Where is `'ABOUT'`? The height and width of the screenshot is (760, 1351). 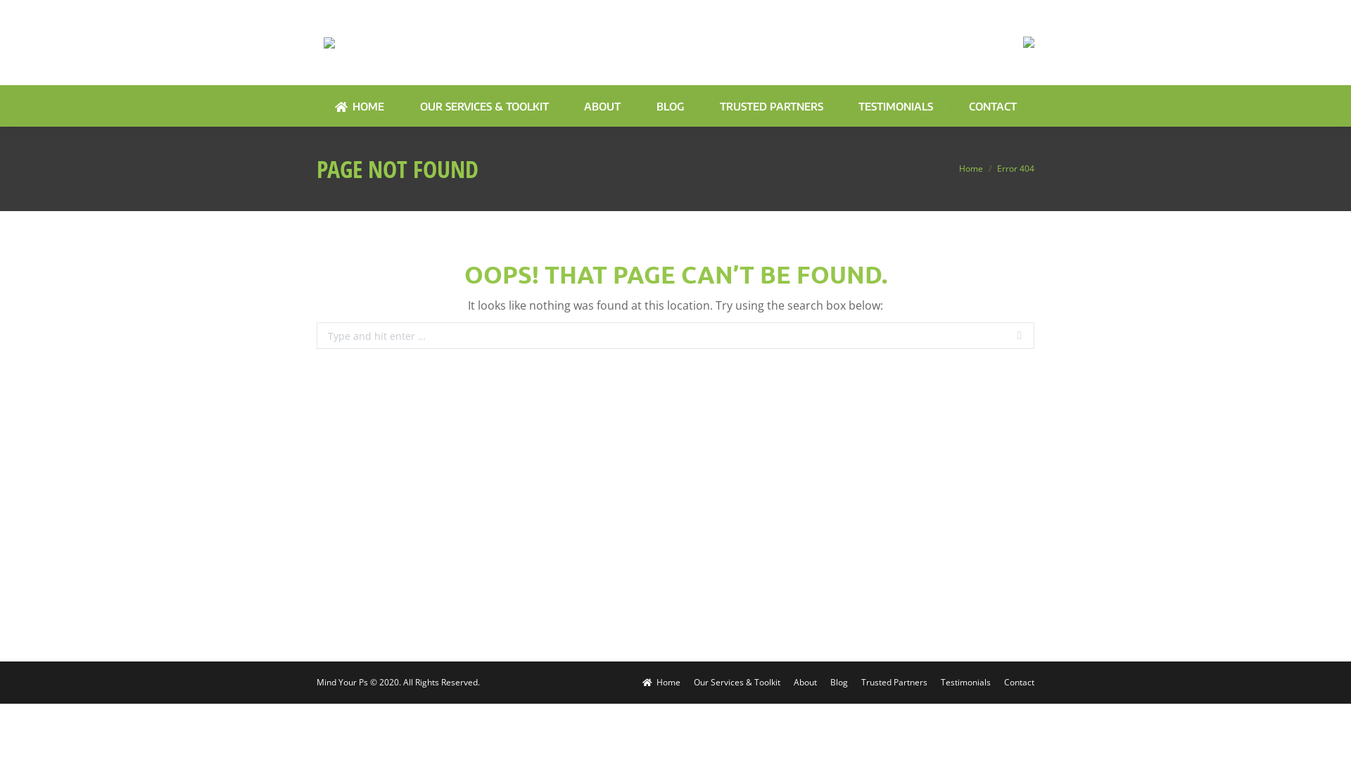
'ABOUT' is located at coordinates (602, 106).